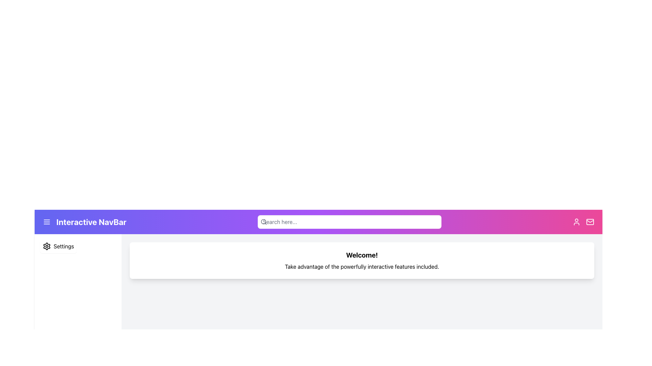  What do you see at coordinates (84, 222) in the screenshot?
I see `the 'Interactive NavBar' text, which is styled in bold font and located next to a three-line menu icon in the purple gradient header on the left-hand side` at bounding box center [84, 222].